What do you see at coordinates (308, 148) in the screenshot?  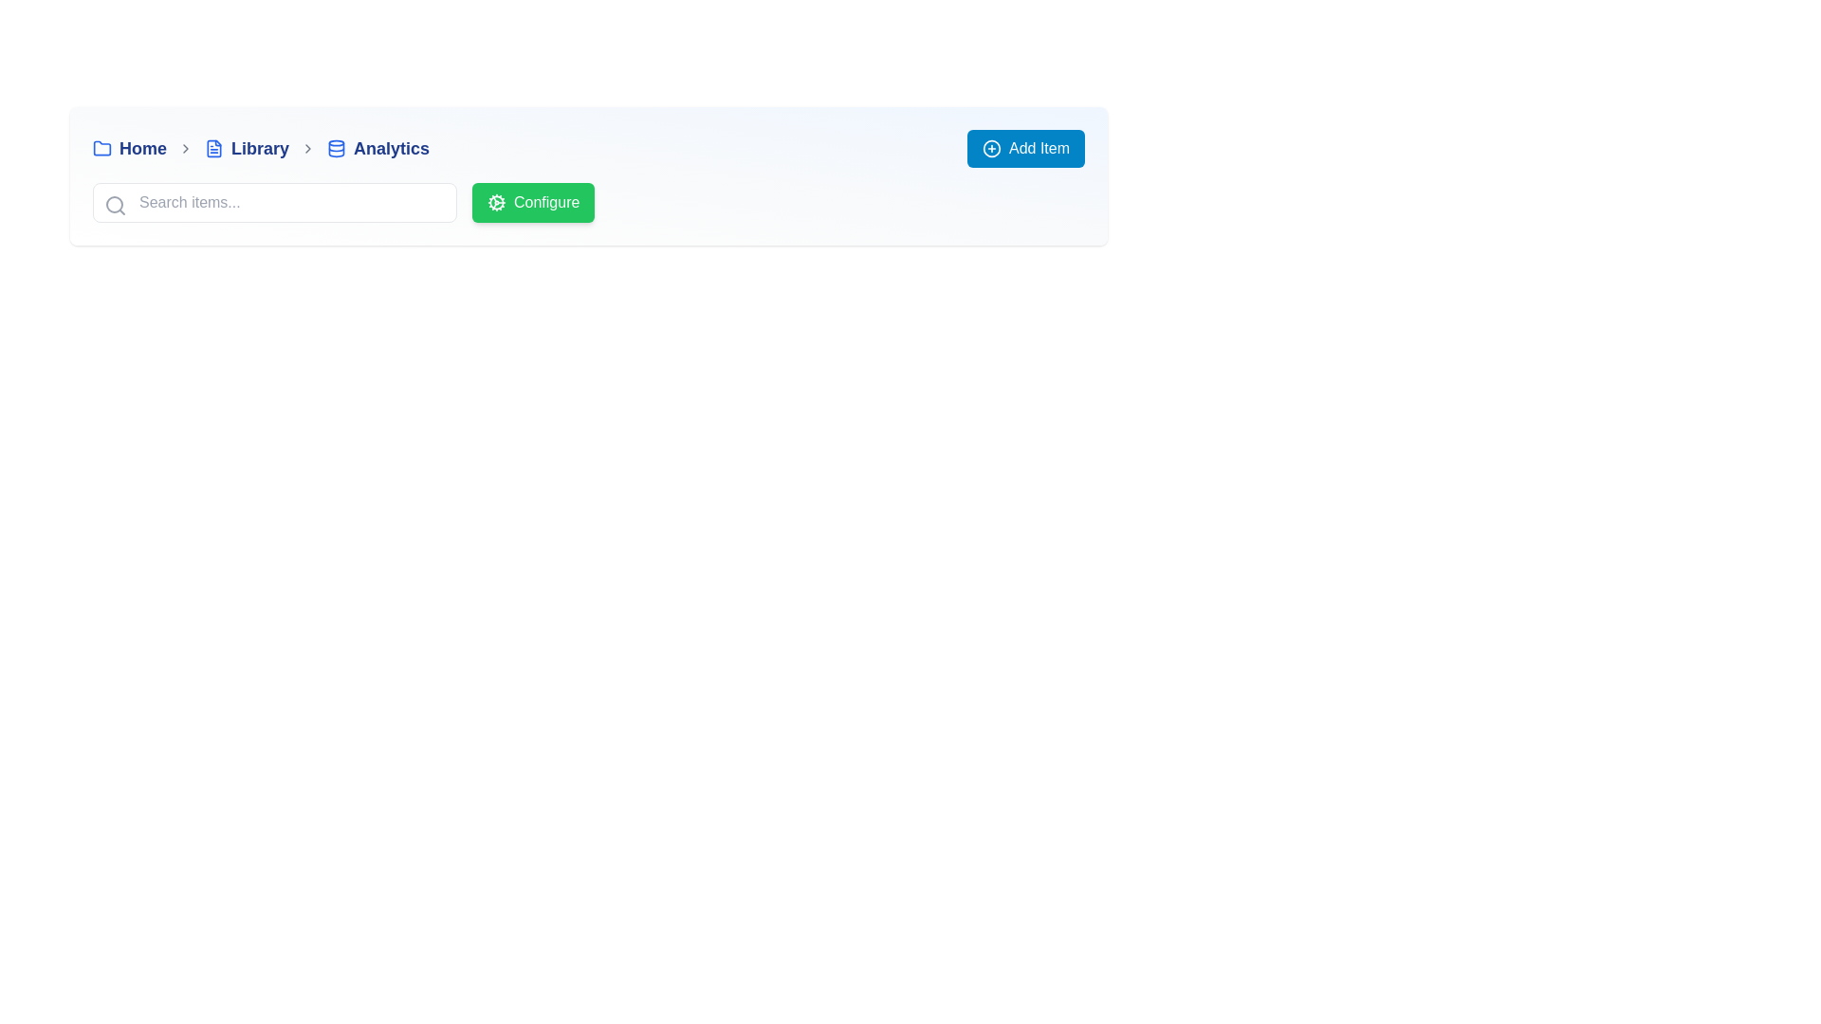 I see `the rightward pointing gray chevron icon in the breadcrumb navigation, located between the 'Library' and 'Analytics' labels` at bounding box center [308, 148].